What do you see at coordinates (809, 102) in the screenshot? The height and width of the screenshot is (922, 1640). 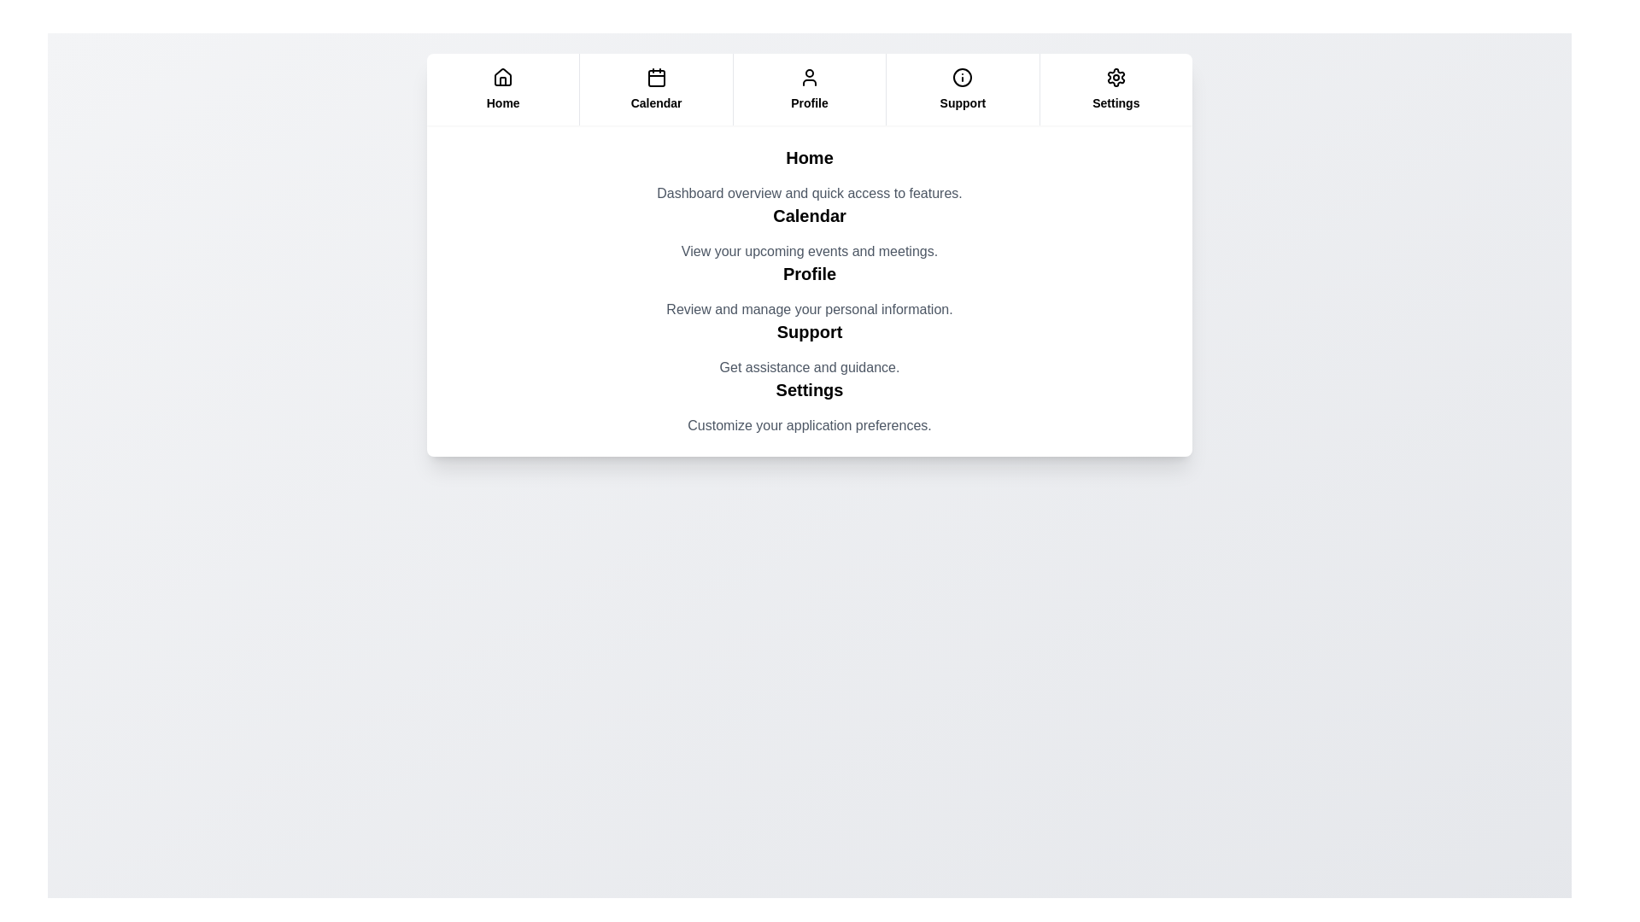 I see `the 'Profile' navigation tab label located in the third tab of the horizontal navigation bar, which is vertically centered under the user icon` at bounding box center [809, 102].